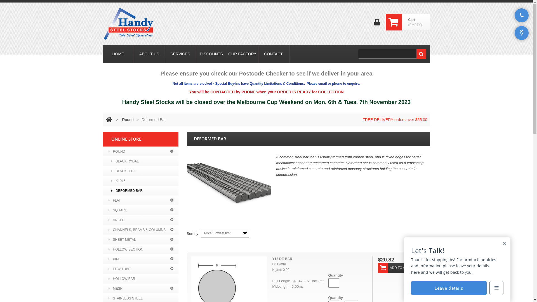  I want to click on 'ROUND', so click(103, 151).